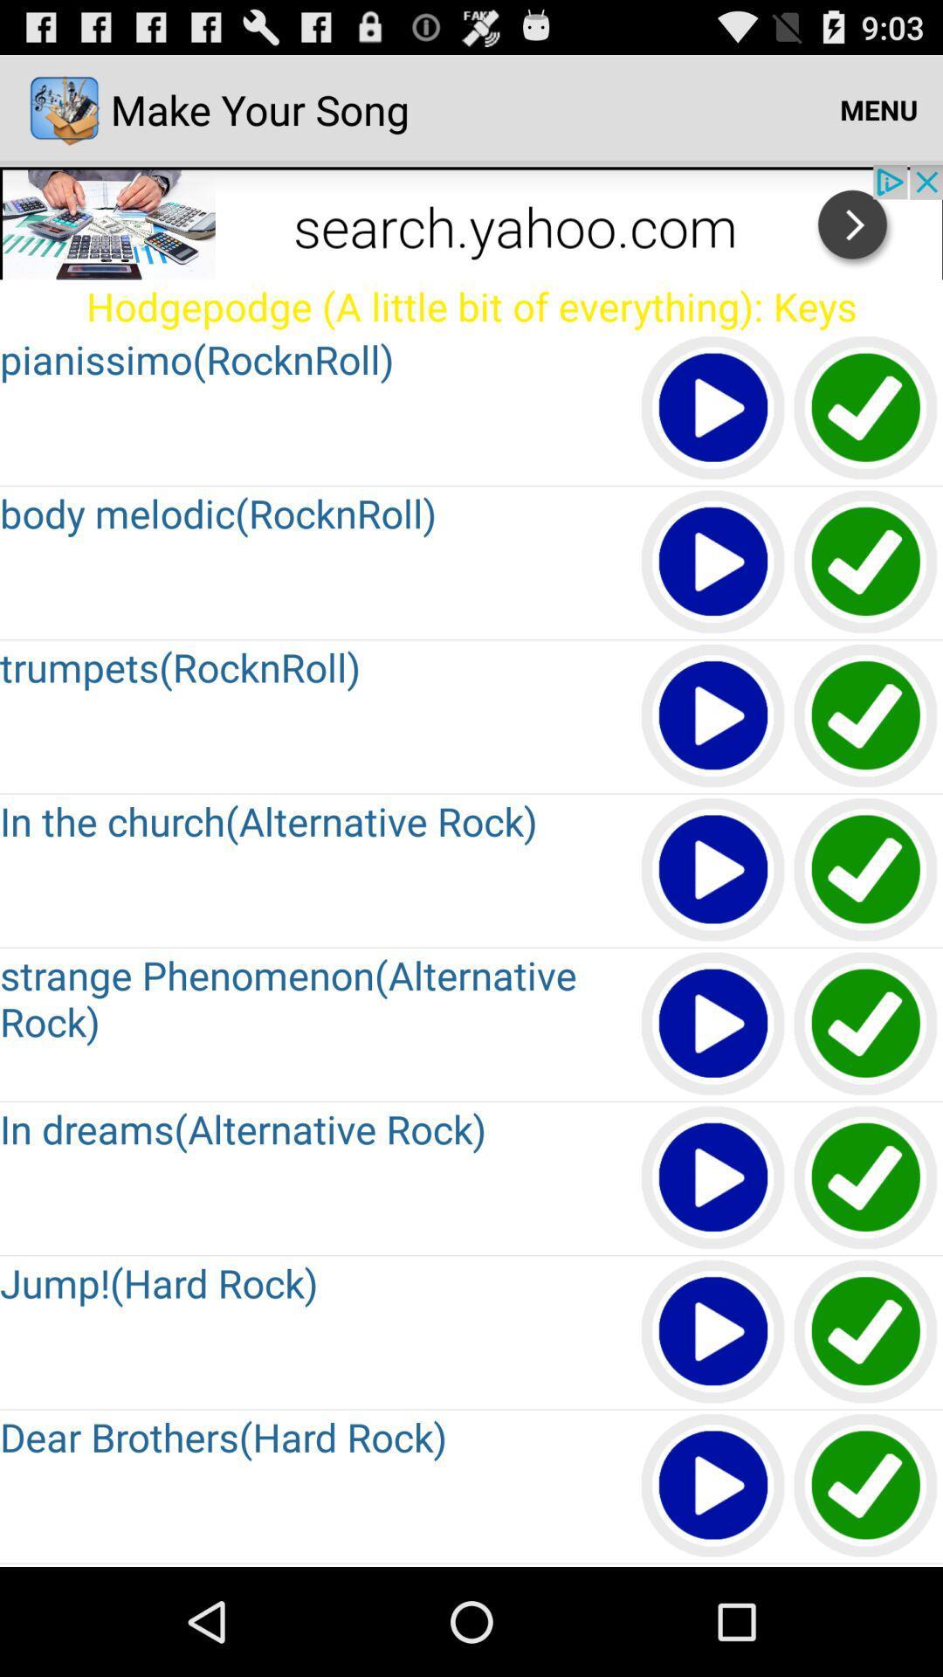 The image size is (943, 1677). I want to click on check button, so click(866, 1178).